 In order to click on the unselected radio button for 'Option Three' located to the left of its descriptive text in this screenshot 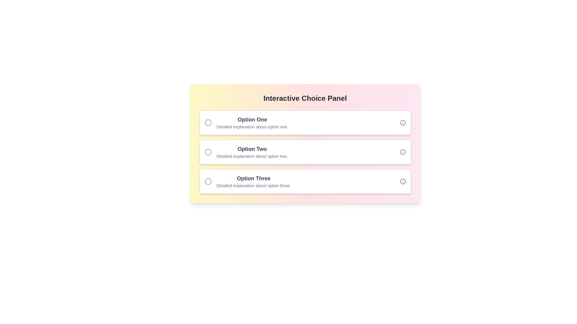, I will do `click(208, 181)`.